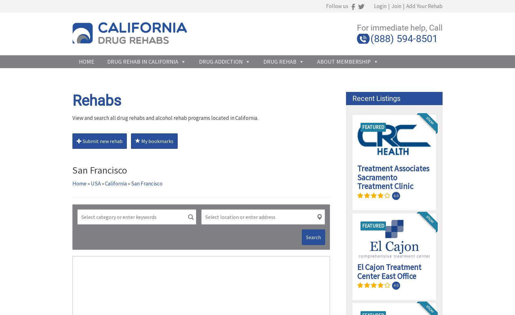 The image size is (515, 315). Describe the element at coordinates (217, 124) in the screenshot. I see `'Cocaine Rehab'` at that location.